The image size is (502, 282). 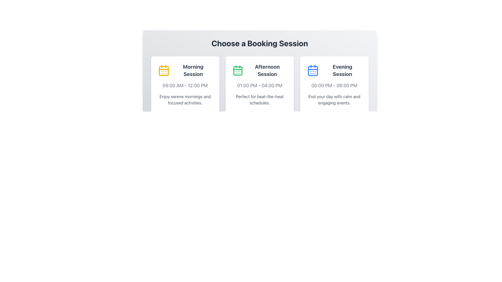 I want to click on the description text located within the 'Morning Session' booking card, which is positioned below the session time '09:00 AM - 12:00 PM' and above the attendee count '24 people attended', so click(x=185, y=99).